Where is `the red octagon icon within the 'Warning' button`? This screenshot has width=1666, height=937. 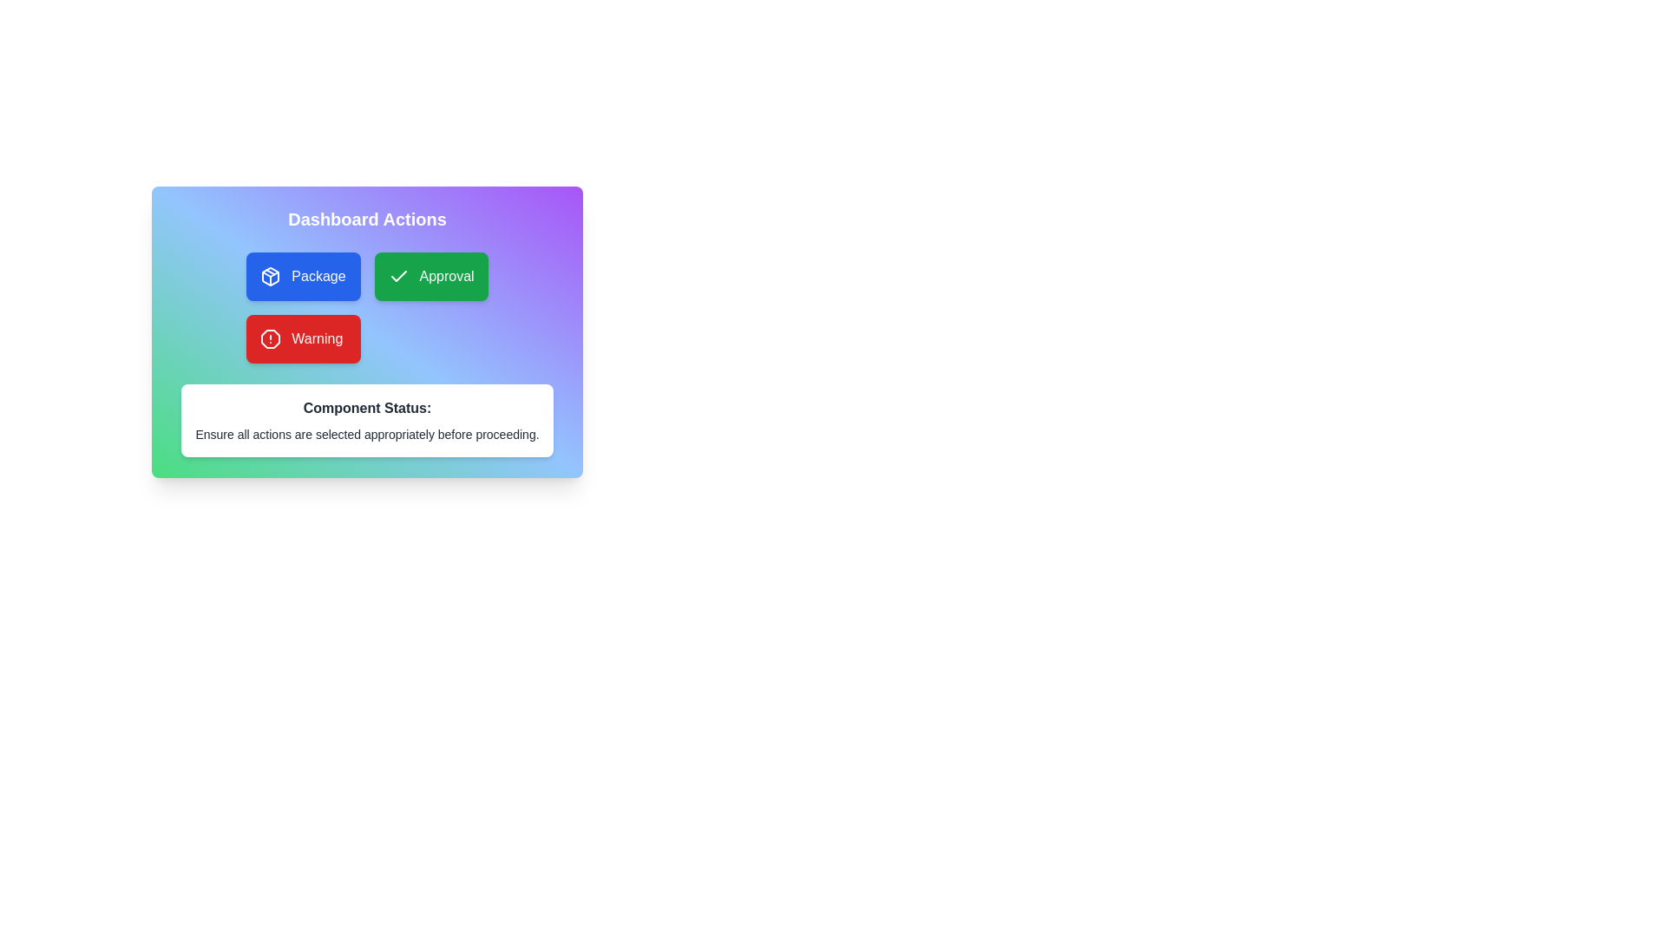
the red octagon icon within the 'Warning' button is located at coordinates (270, 338).